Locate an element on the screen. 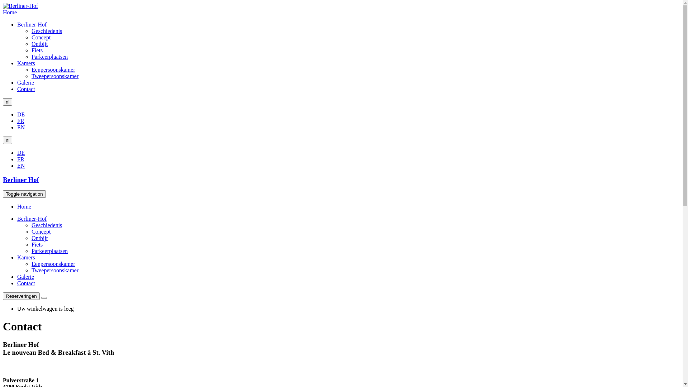 This screenshot has width=688, height=387. 'Geschiedenis' is located at coordinates (31, 30).